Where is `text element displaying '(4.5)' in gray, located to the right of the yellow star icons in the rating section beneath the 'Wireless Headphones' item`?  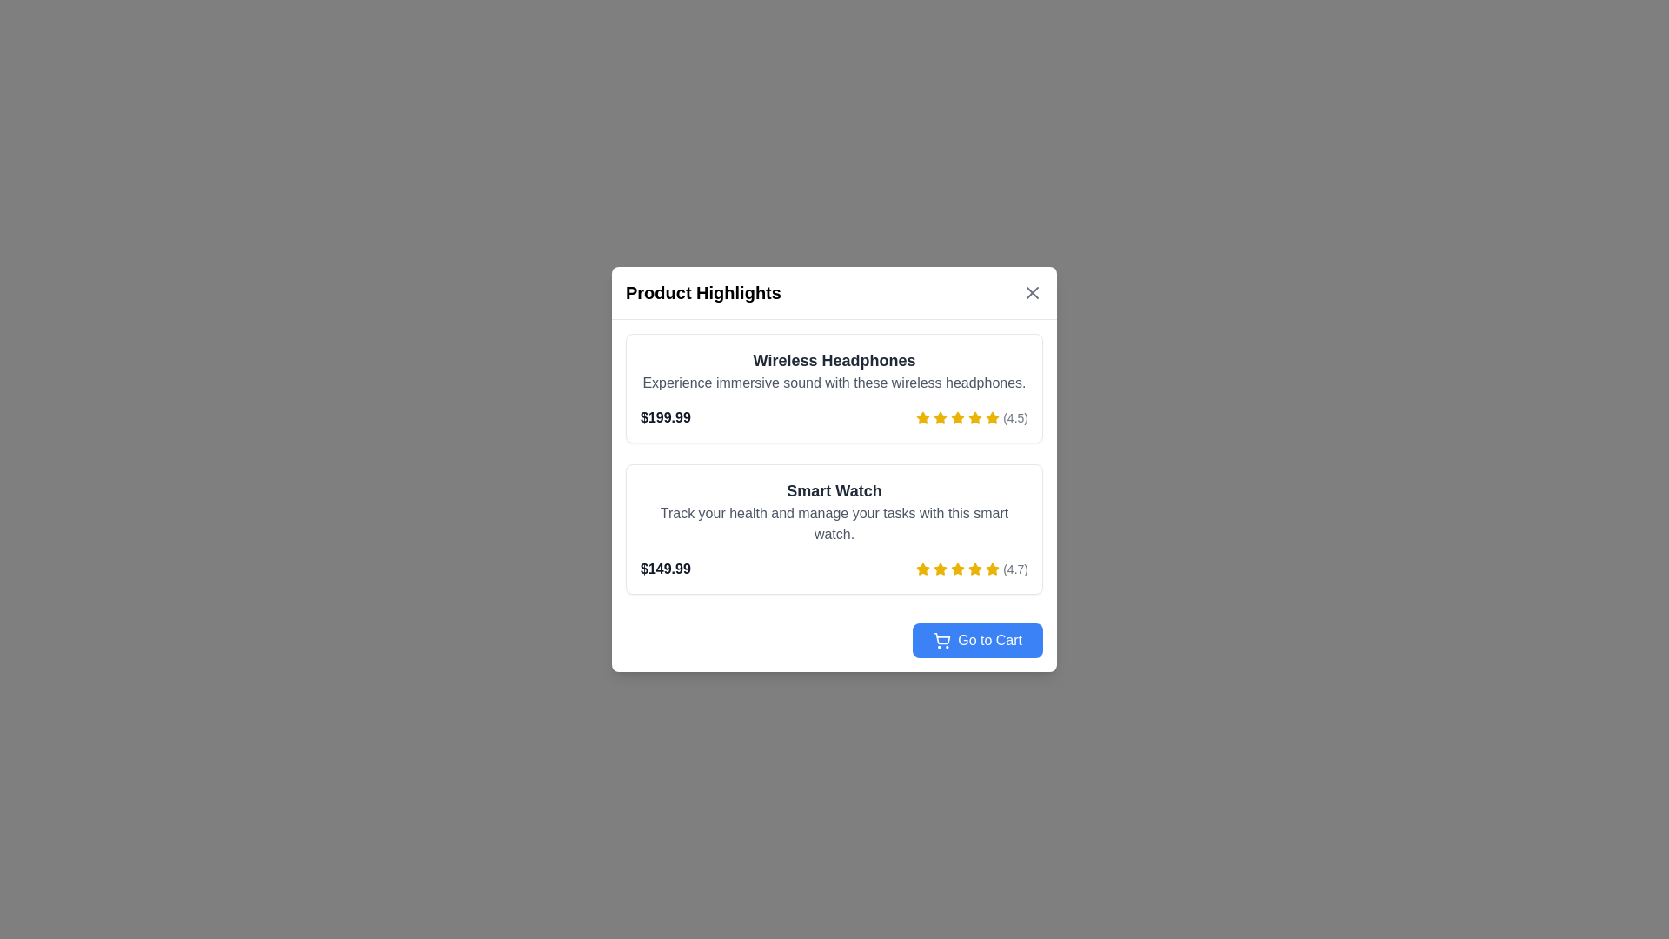 text element displaying '(4.5)' in gray, located to the right of the yellow star icons in the rating section beneath the 'Wireless Headphones' item is located at coordinates (1015, 418).